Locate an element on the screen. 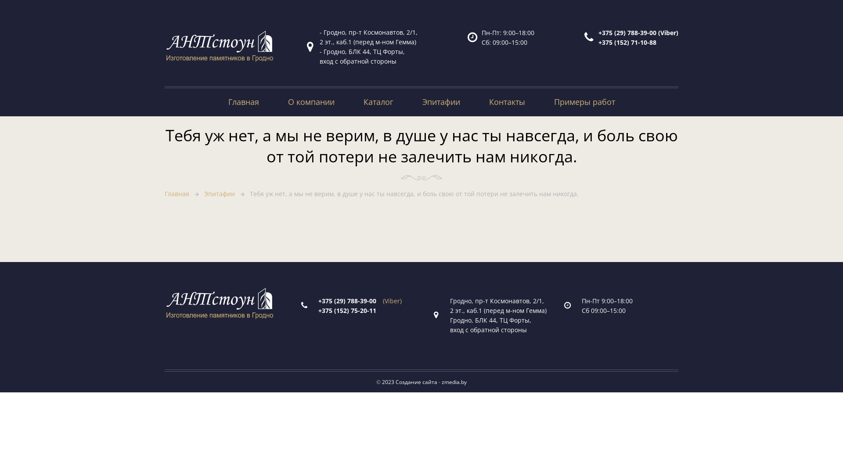 The image size is (843, 474). '+375 (29) 788-39-00(Viber)' is located at coordinates (360, 300).